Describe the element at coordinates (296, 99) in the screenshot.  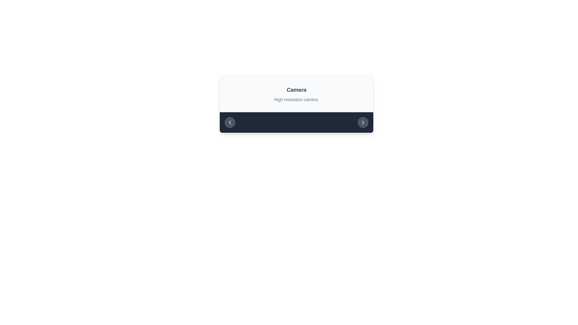
I see `the text element that displays 'High-resolution camera.' which is styled in a small, light gray font and located beneath the bold, italicized 'Camera' text` at that location.